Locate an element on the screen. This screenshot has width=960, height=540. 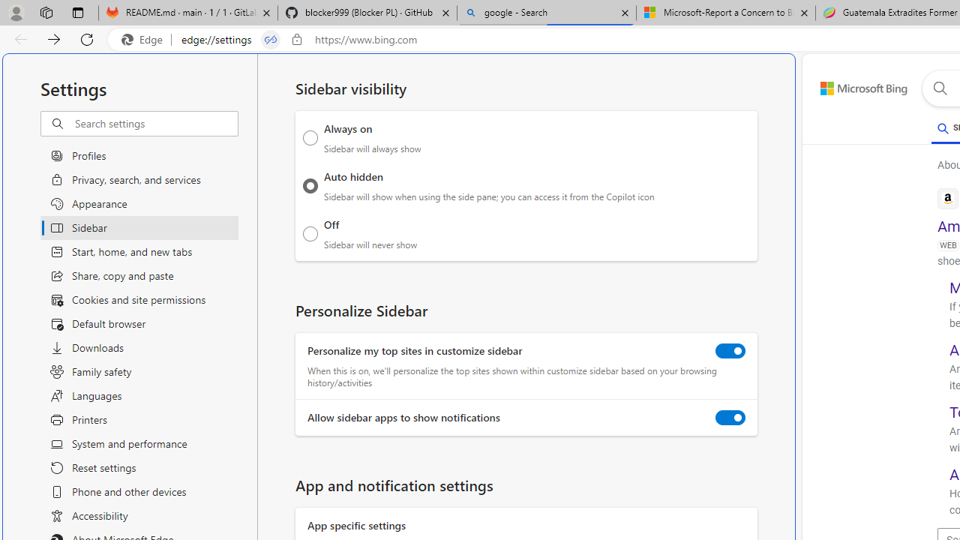
'Search settings' is located at coordinates (156, 123).